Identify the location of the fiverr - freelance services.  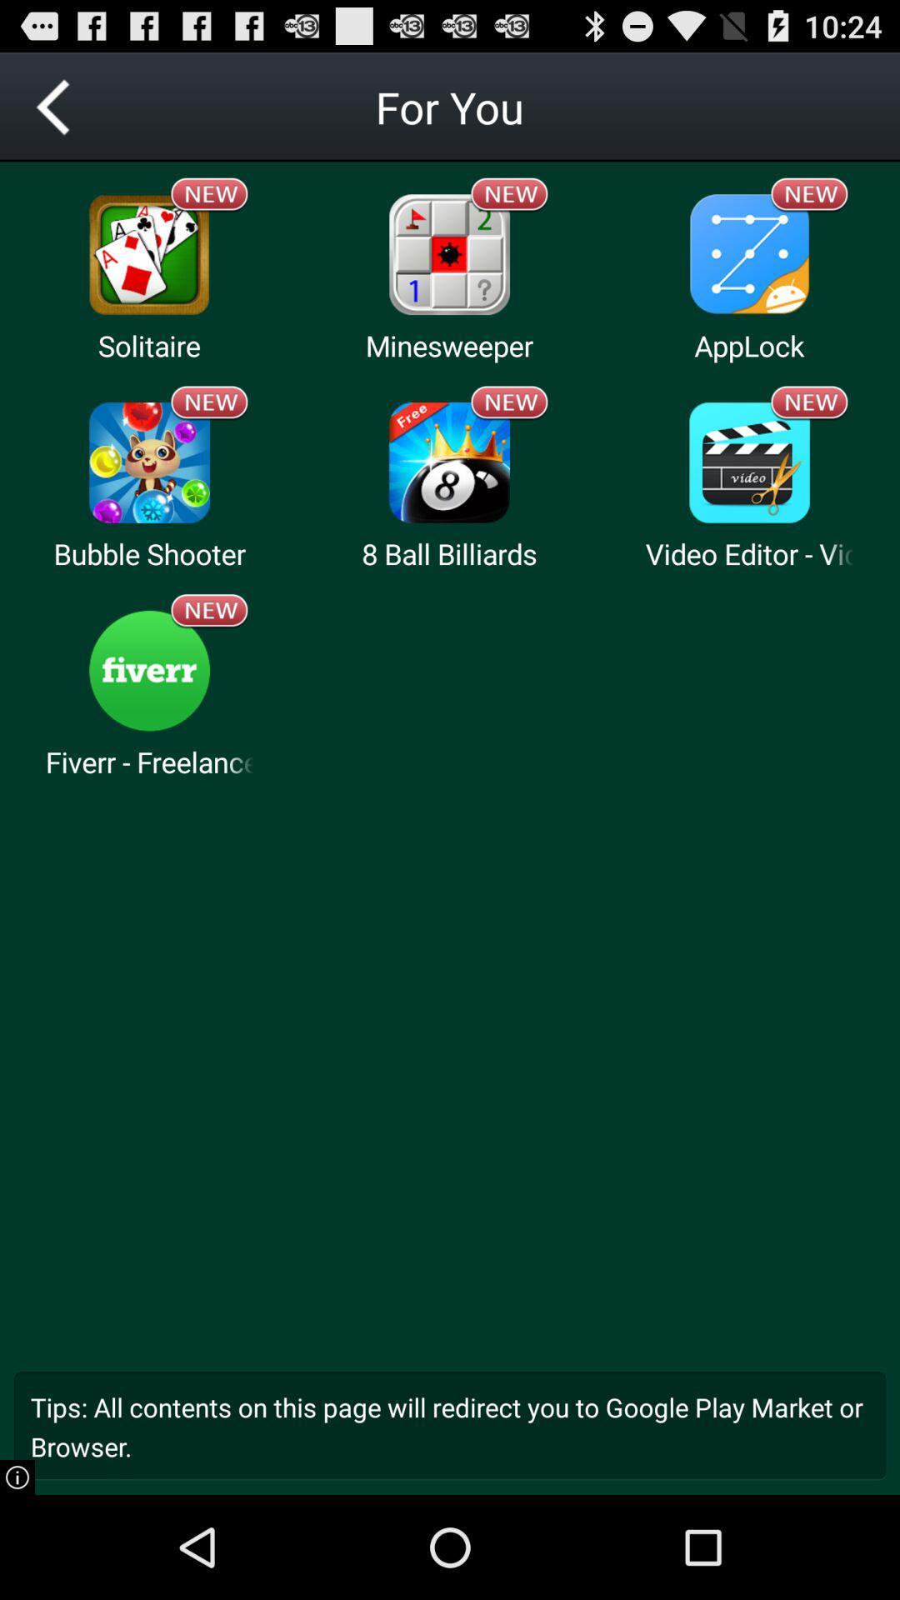
(148, 761).